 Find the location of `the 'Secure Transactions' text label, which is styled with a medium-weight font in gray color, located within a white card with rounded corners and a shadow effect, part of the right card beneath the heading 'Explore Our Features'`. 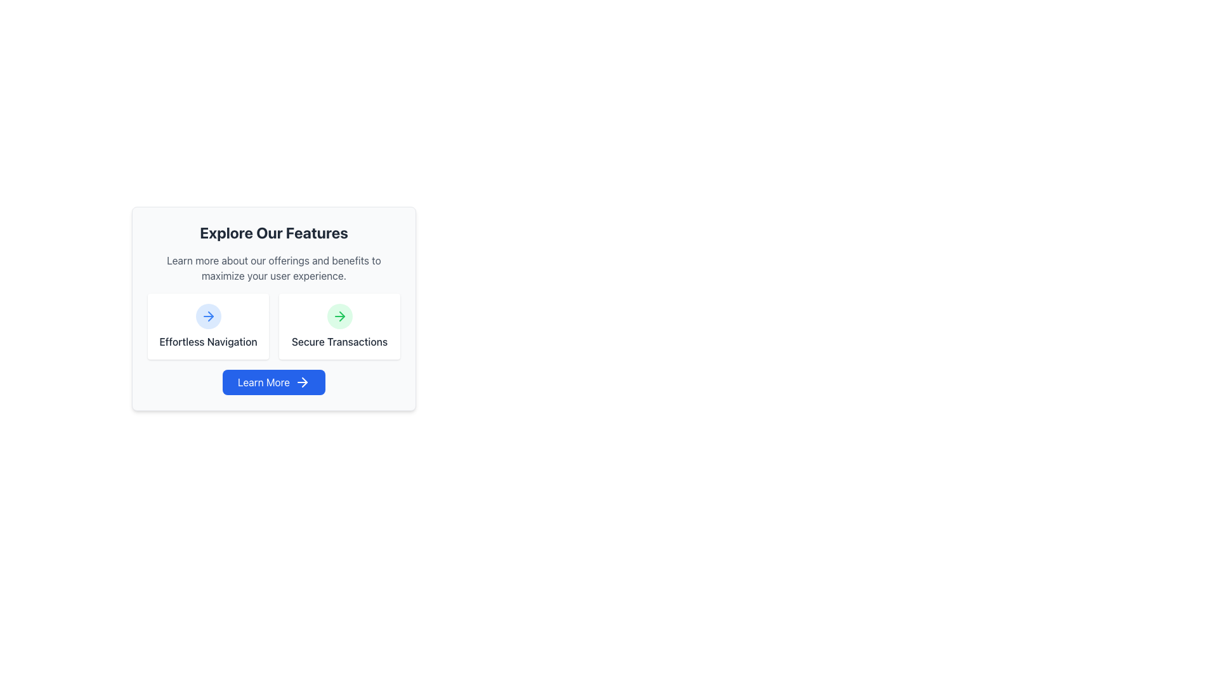

the 'Secure Transactions' text label, which is styled with a medium-weight font in gray color, located within a white card with rounded corners and a shadow effect, part of the right card beneath the heading 'Explore Our Features' is located at coordinates (339, 341).